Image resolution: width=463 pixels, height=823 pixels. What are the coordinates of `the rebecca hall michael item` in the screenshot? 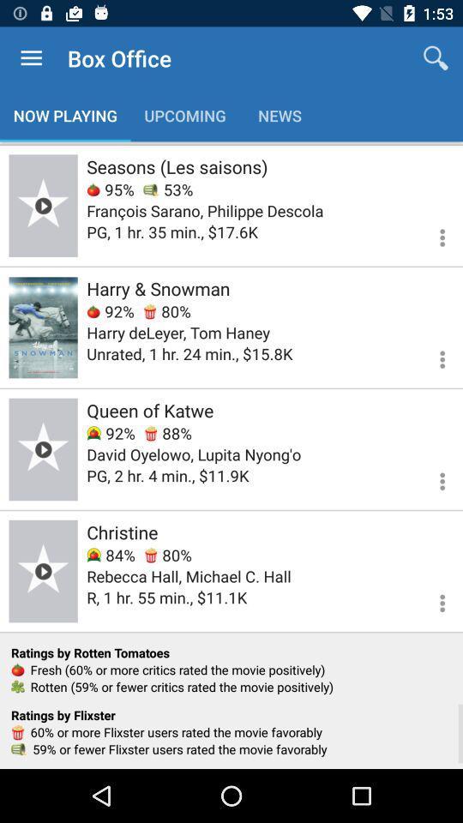 It's located at (188, 576).